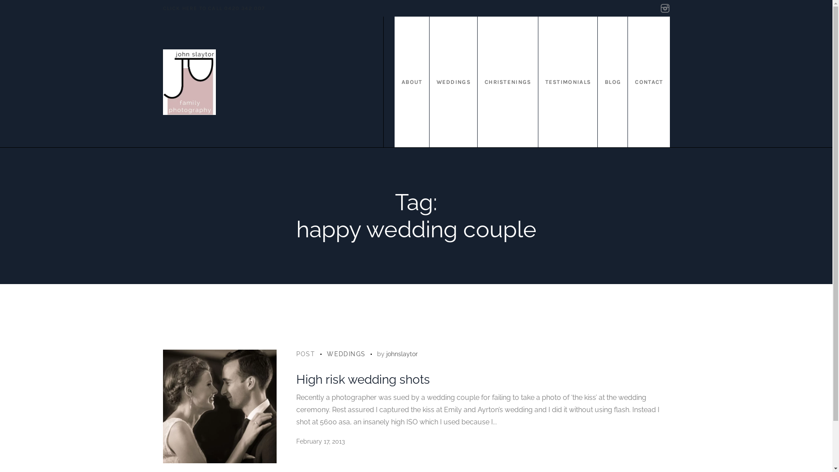 The image size is (839, 472). Describe the element at coordinates (627, 82) in the screenshot. I see `'CONTACT'` at that location.